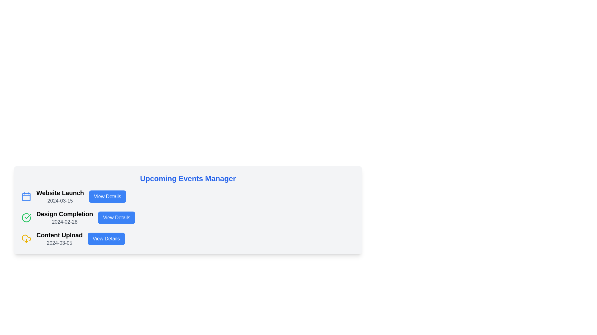  I want to click on the button located in the bottom-right corner of the interface, so click(106, 239).